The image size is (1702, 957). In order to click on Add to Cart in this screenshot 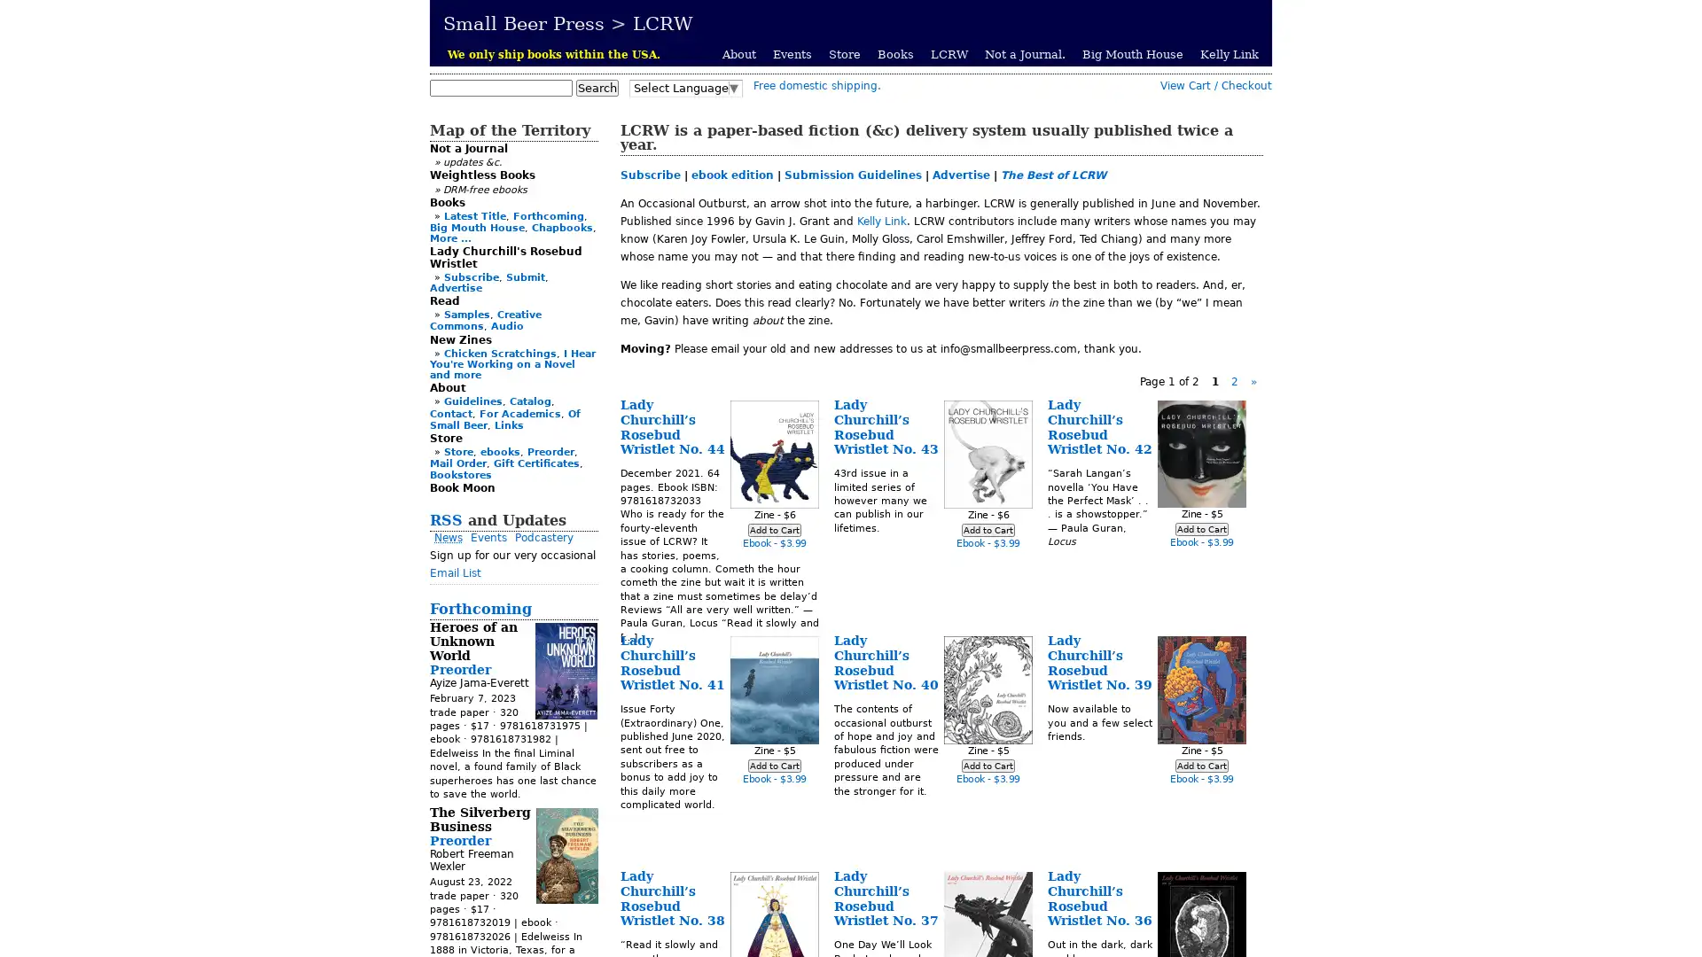, I will do `click(1202, 764)`.